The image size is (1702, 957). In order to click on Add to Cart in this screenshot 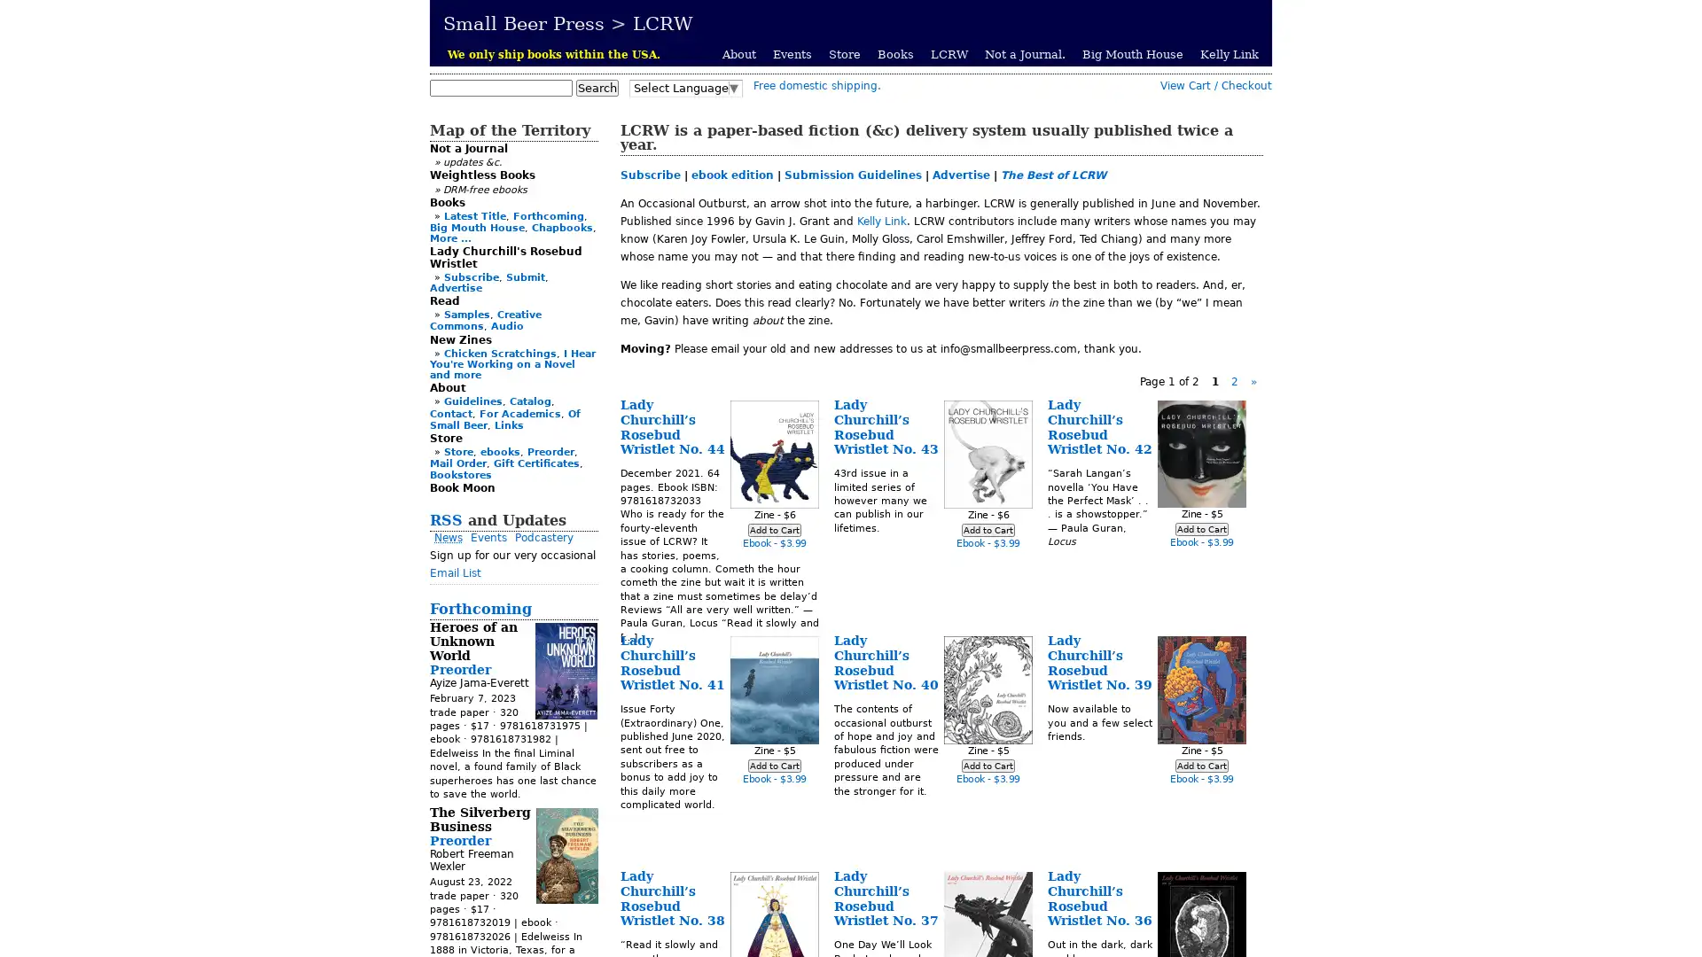, I will do `click(1202, 764)`.